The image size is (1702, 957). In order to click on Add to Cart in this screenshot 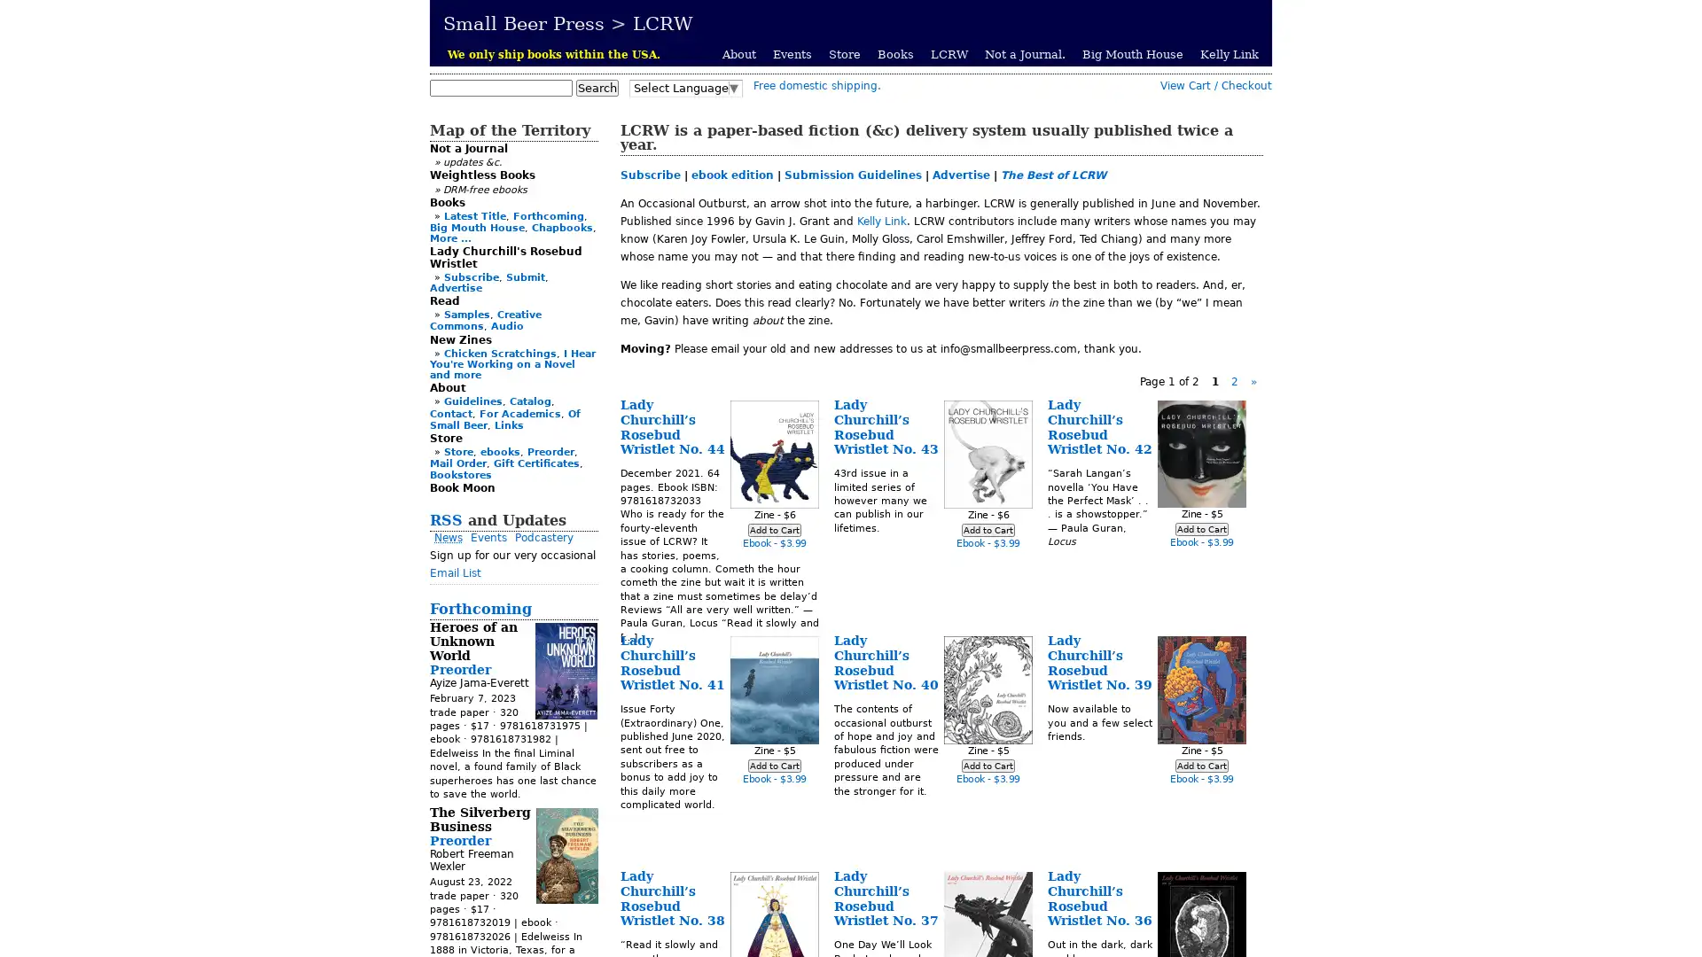, I will do `click(1202, 764)`.